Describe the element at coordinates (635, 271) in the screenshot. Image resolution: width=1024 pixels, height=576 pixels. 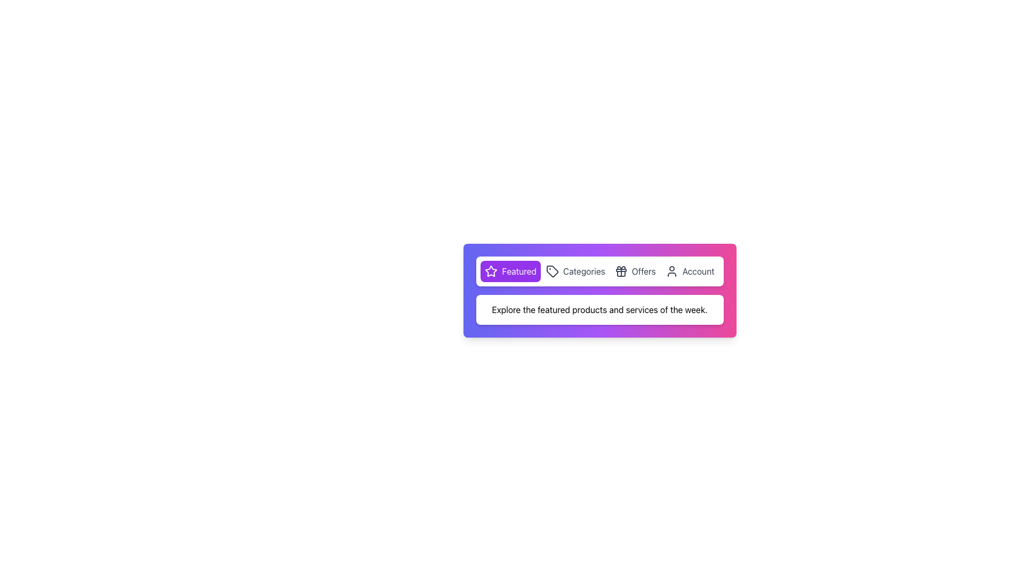
I see `the 'Offers' button in the navigation bar` at that location.